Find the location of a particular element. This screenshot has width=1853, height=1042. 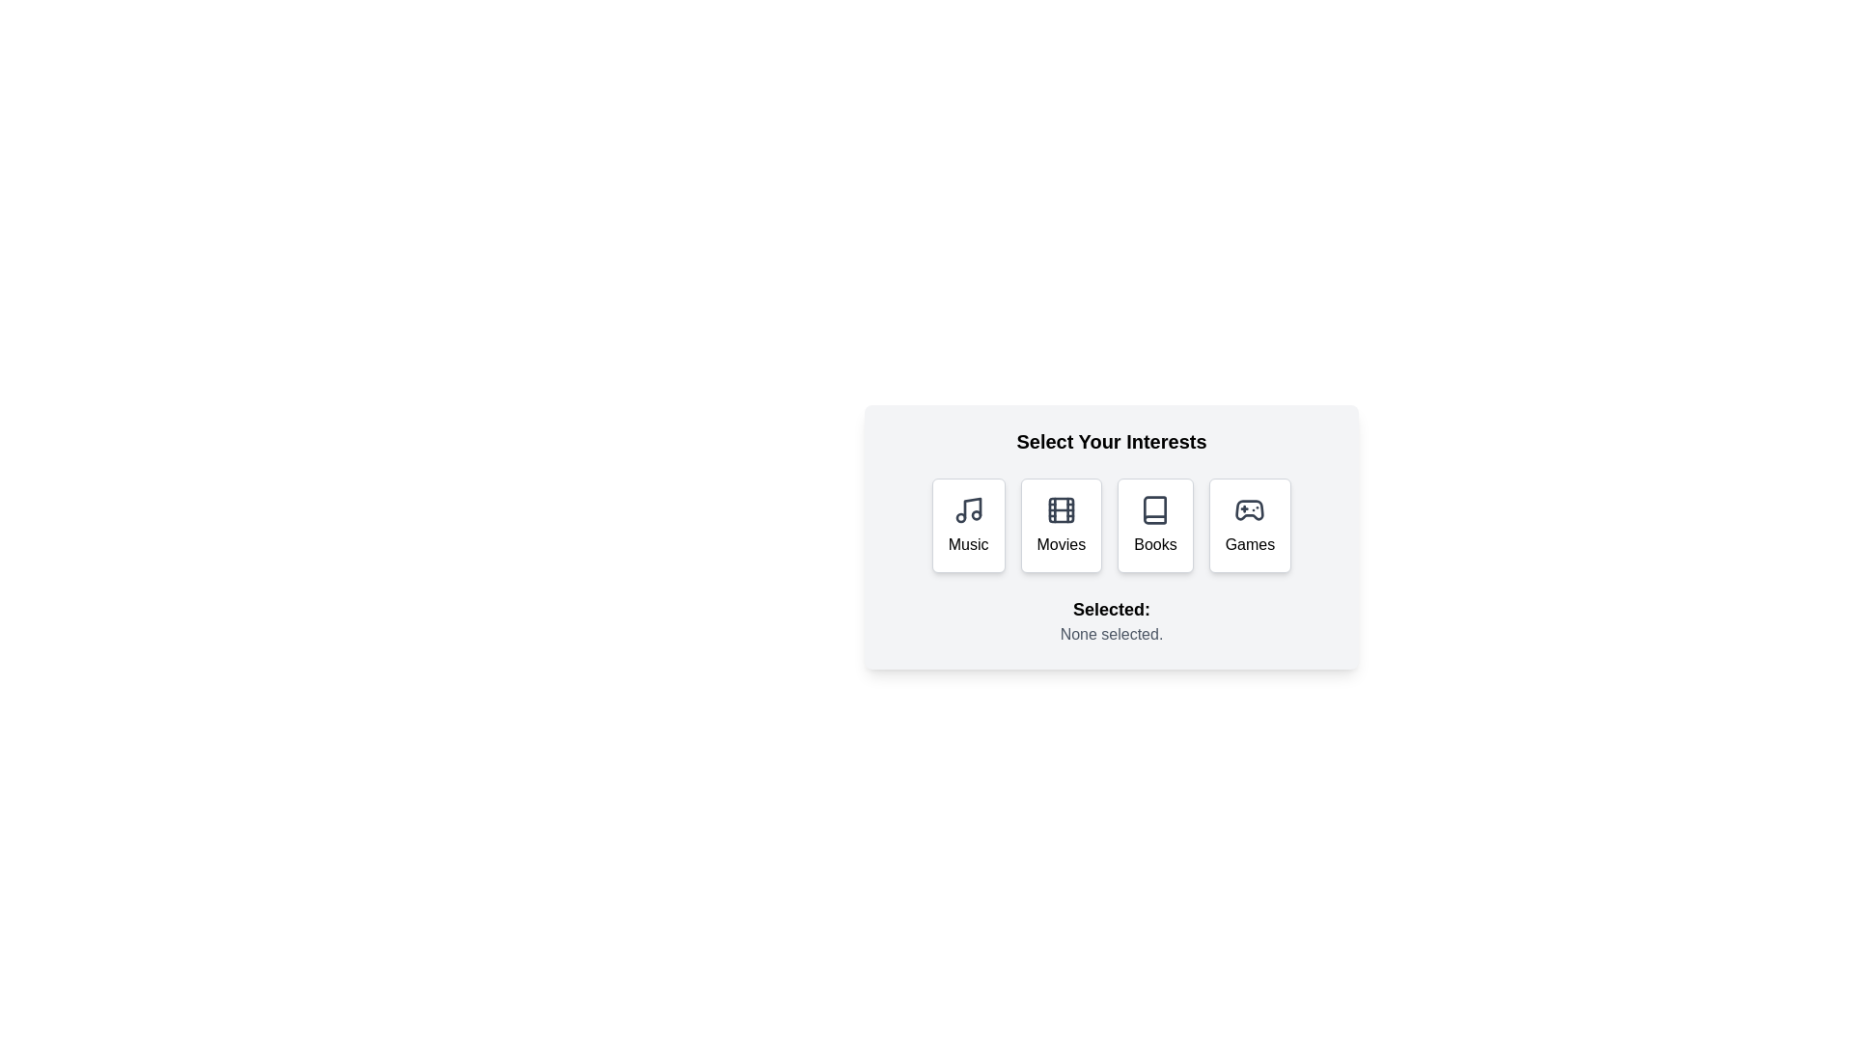

the Music button to select the corresponding interest is located at coordinates (968, 525).